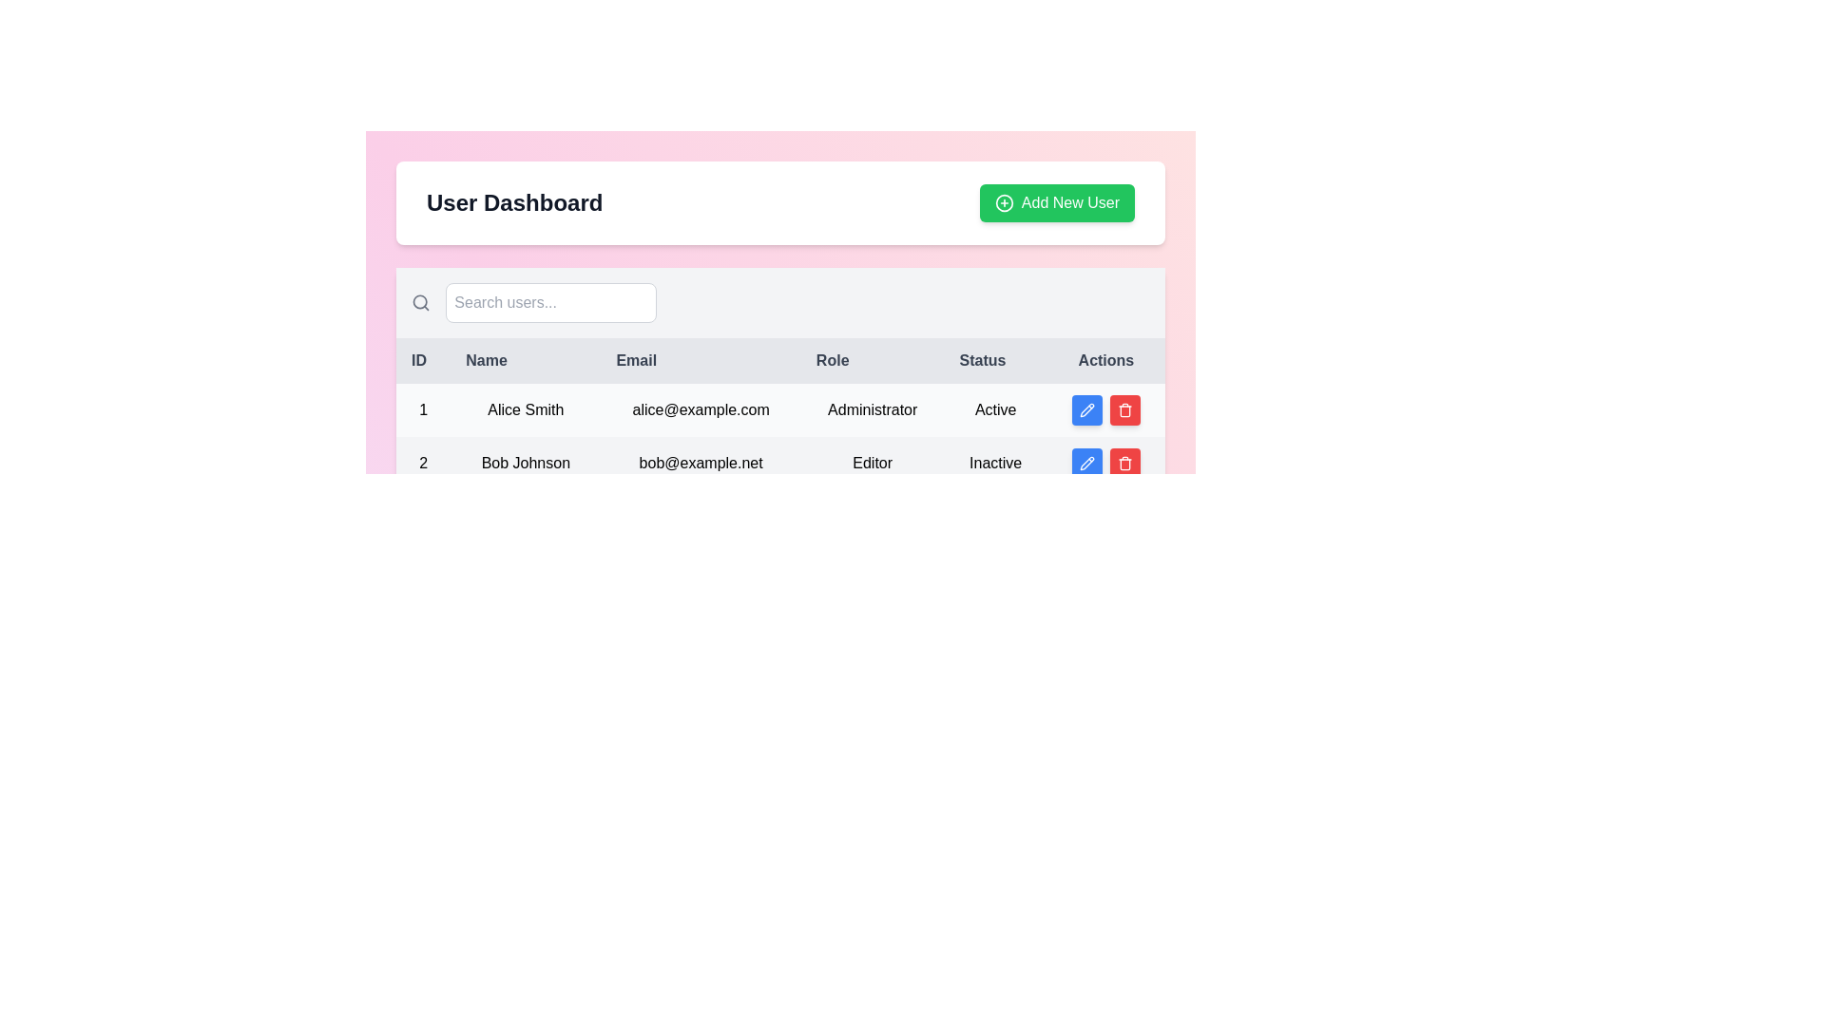 This screenshot has height=1026, width=1825. Describe the element at coordinates (872, 464) in the screenshot. I see `the static text element displaying 'Editor' located in the second row of the table under the 'Role' column, following 'Bob Johnson' in the 'Name' column` at that location.